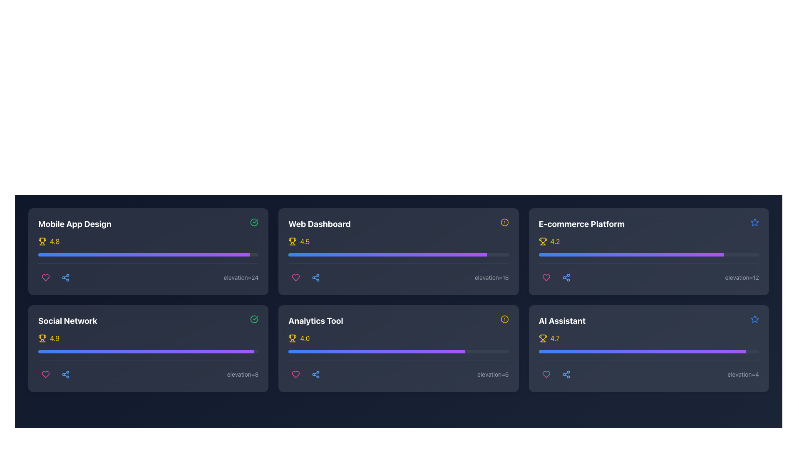 The width and height of the screenshot is (799, 449). I want to click on the filled portion of the progress indicator bar within the 'Mobile App Design' card, which is a horizontal bar transitioning from blue to purple, representing 96% completion, so click(144, 254).